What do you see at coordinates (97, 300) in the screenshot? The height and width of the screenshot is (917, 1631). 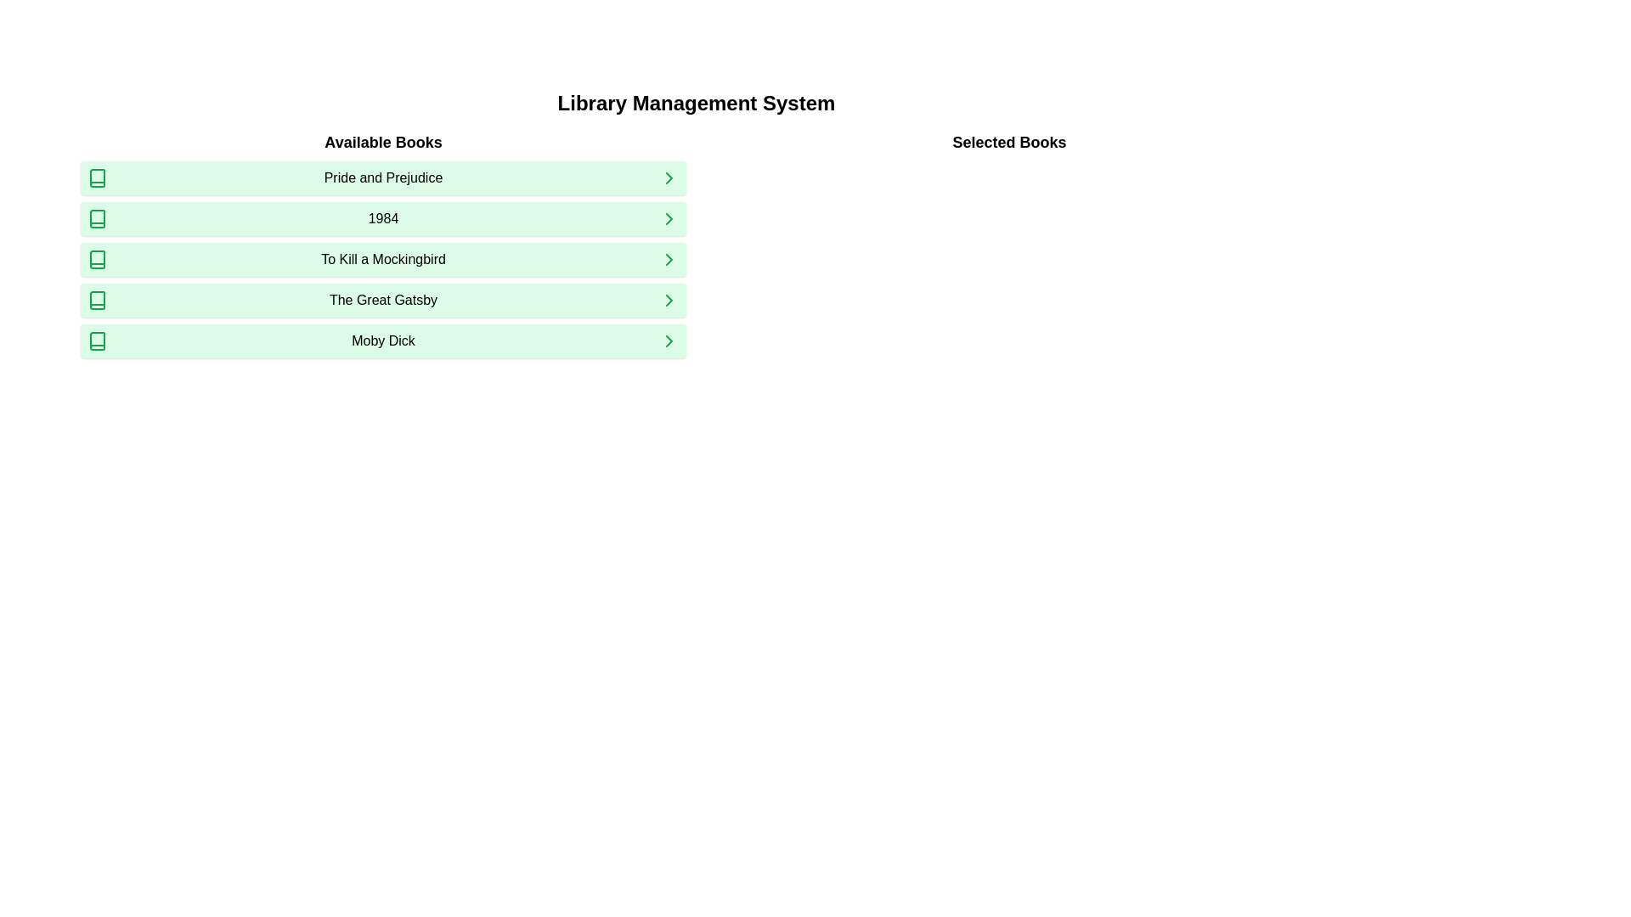 I see `the icon resembling a stylized book outlined in green, positioned at the leftmost side of the row labeled 'The Great Gatsby' in the 'Available Books' section` at bounding box center [97, 300].